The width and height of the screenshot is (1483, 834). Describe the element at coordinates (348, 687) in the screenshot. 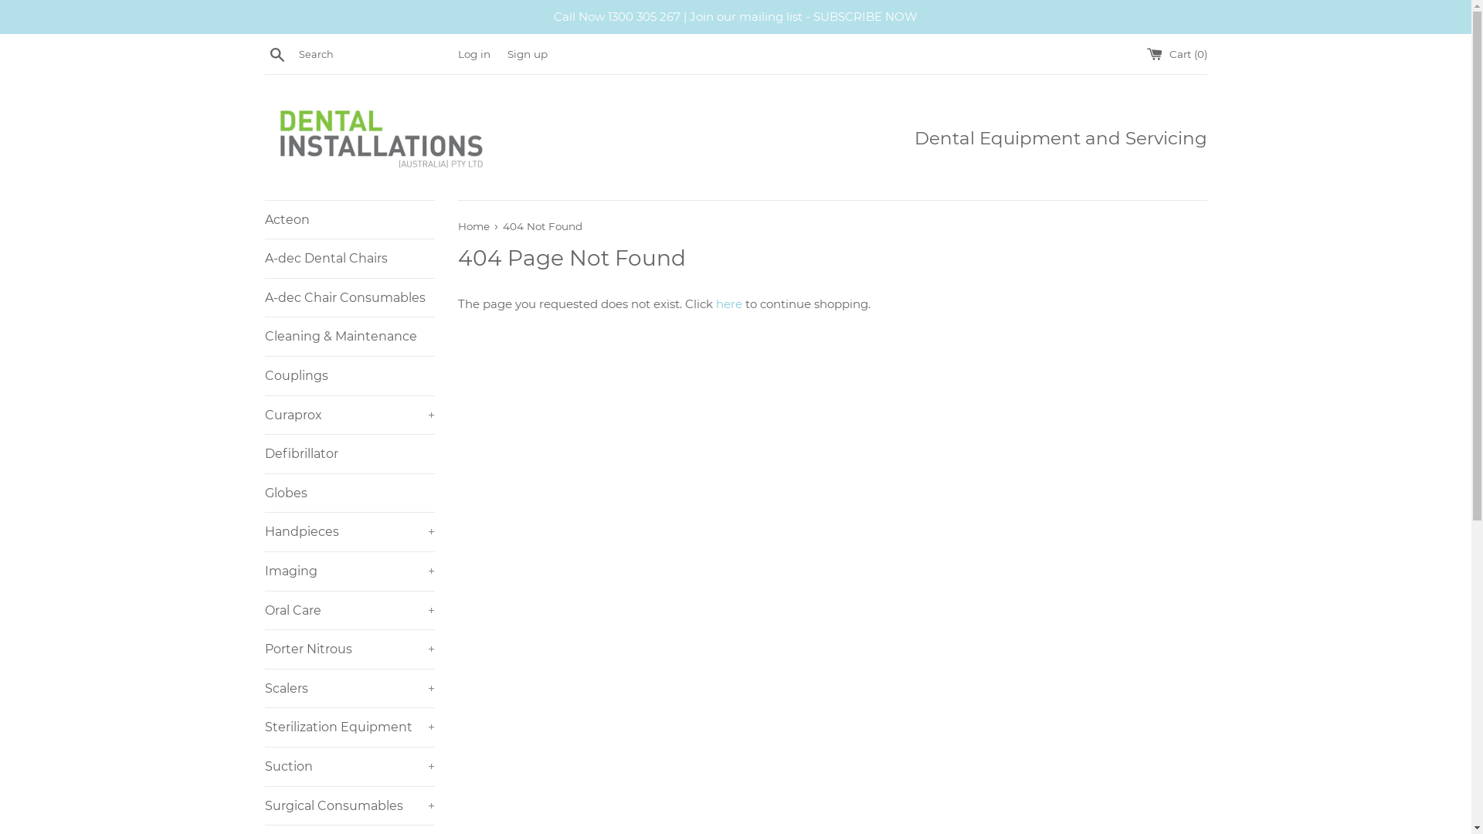

I see `'Scalers` at that location.